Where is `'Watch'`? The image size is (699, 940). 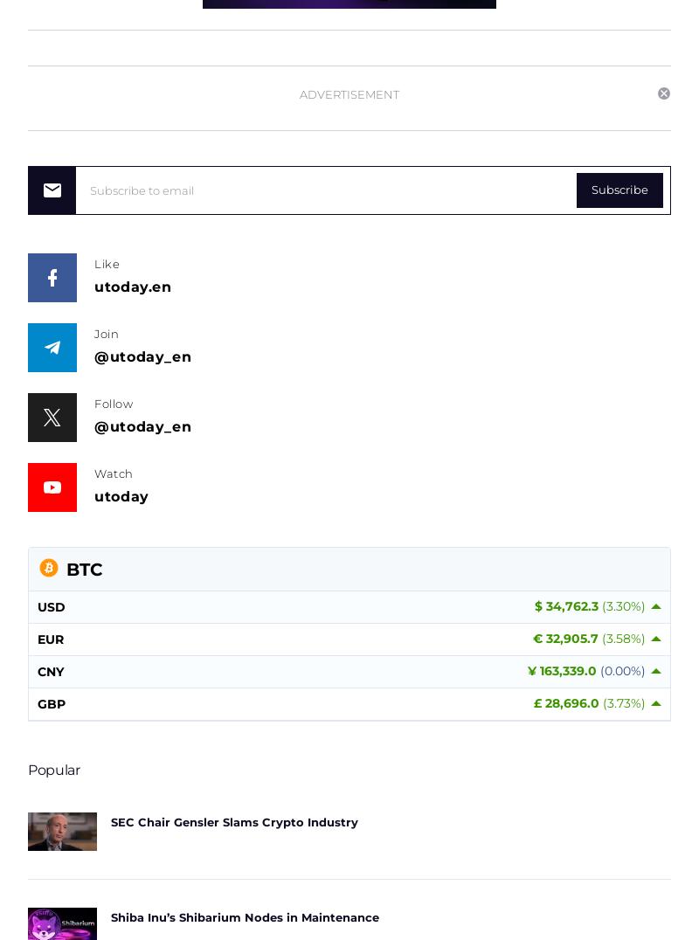
'Watch' is located at coordinates (113, 472).